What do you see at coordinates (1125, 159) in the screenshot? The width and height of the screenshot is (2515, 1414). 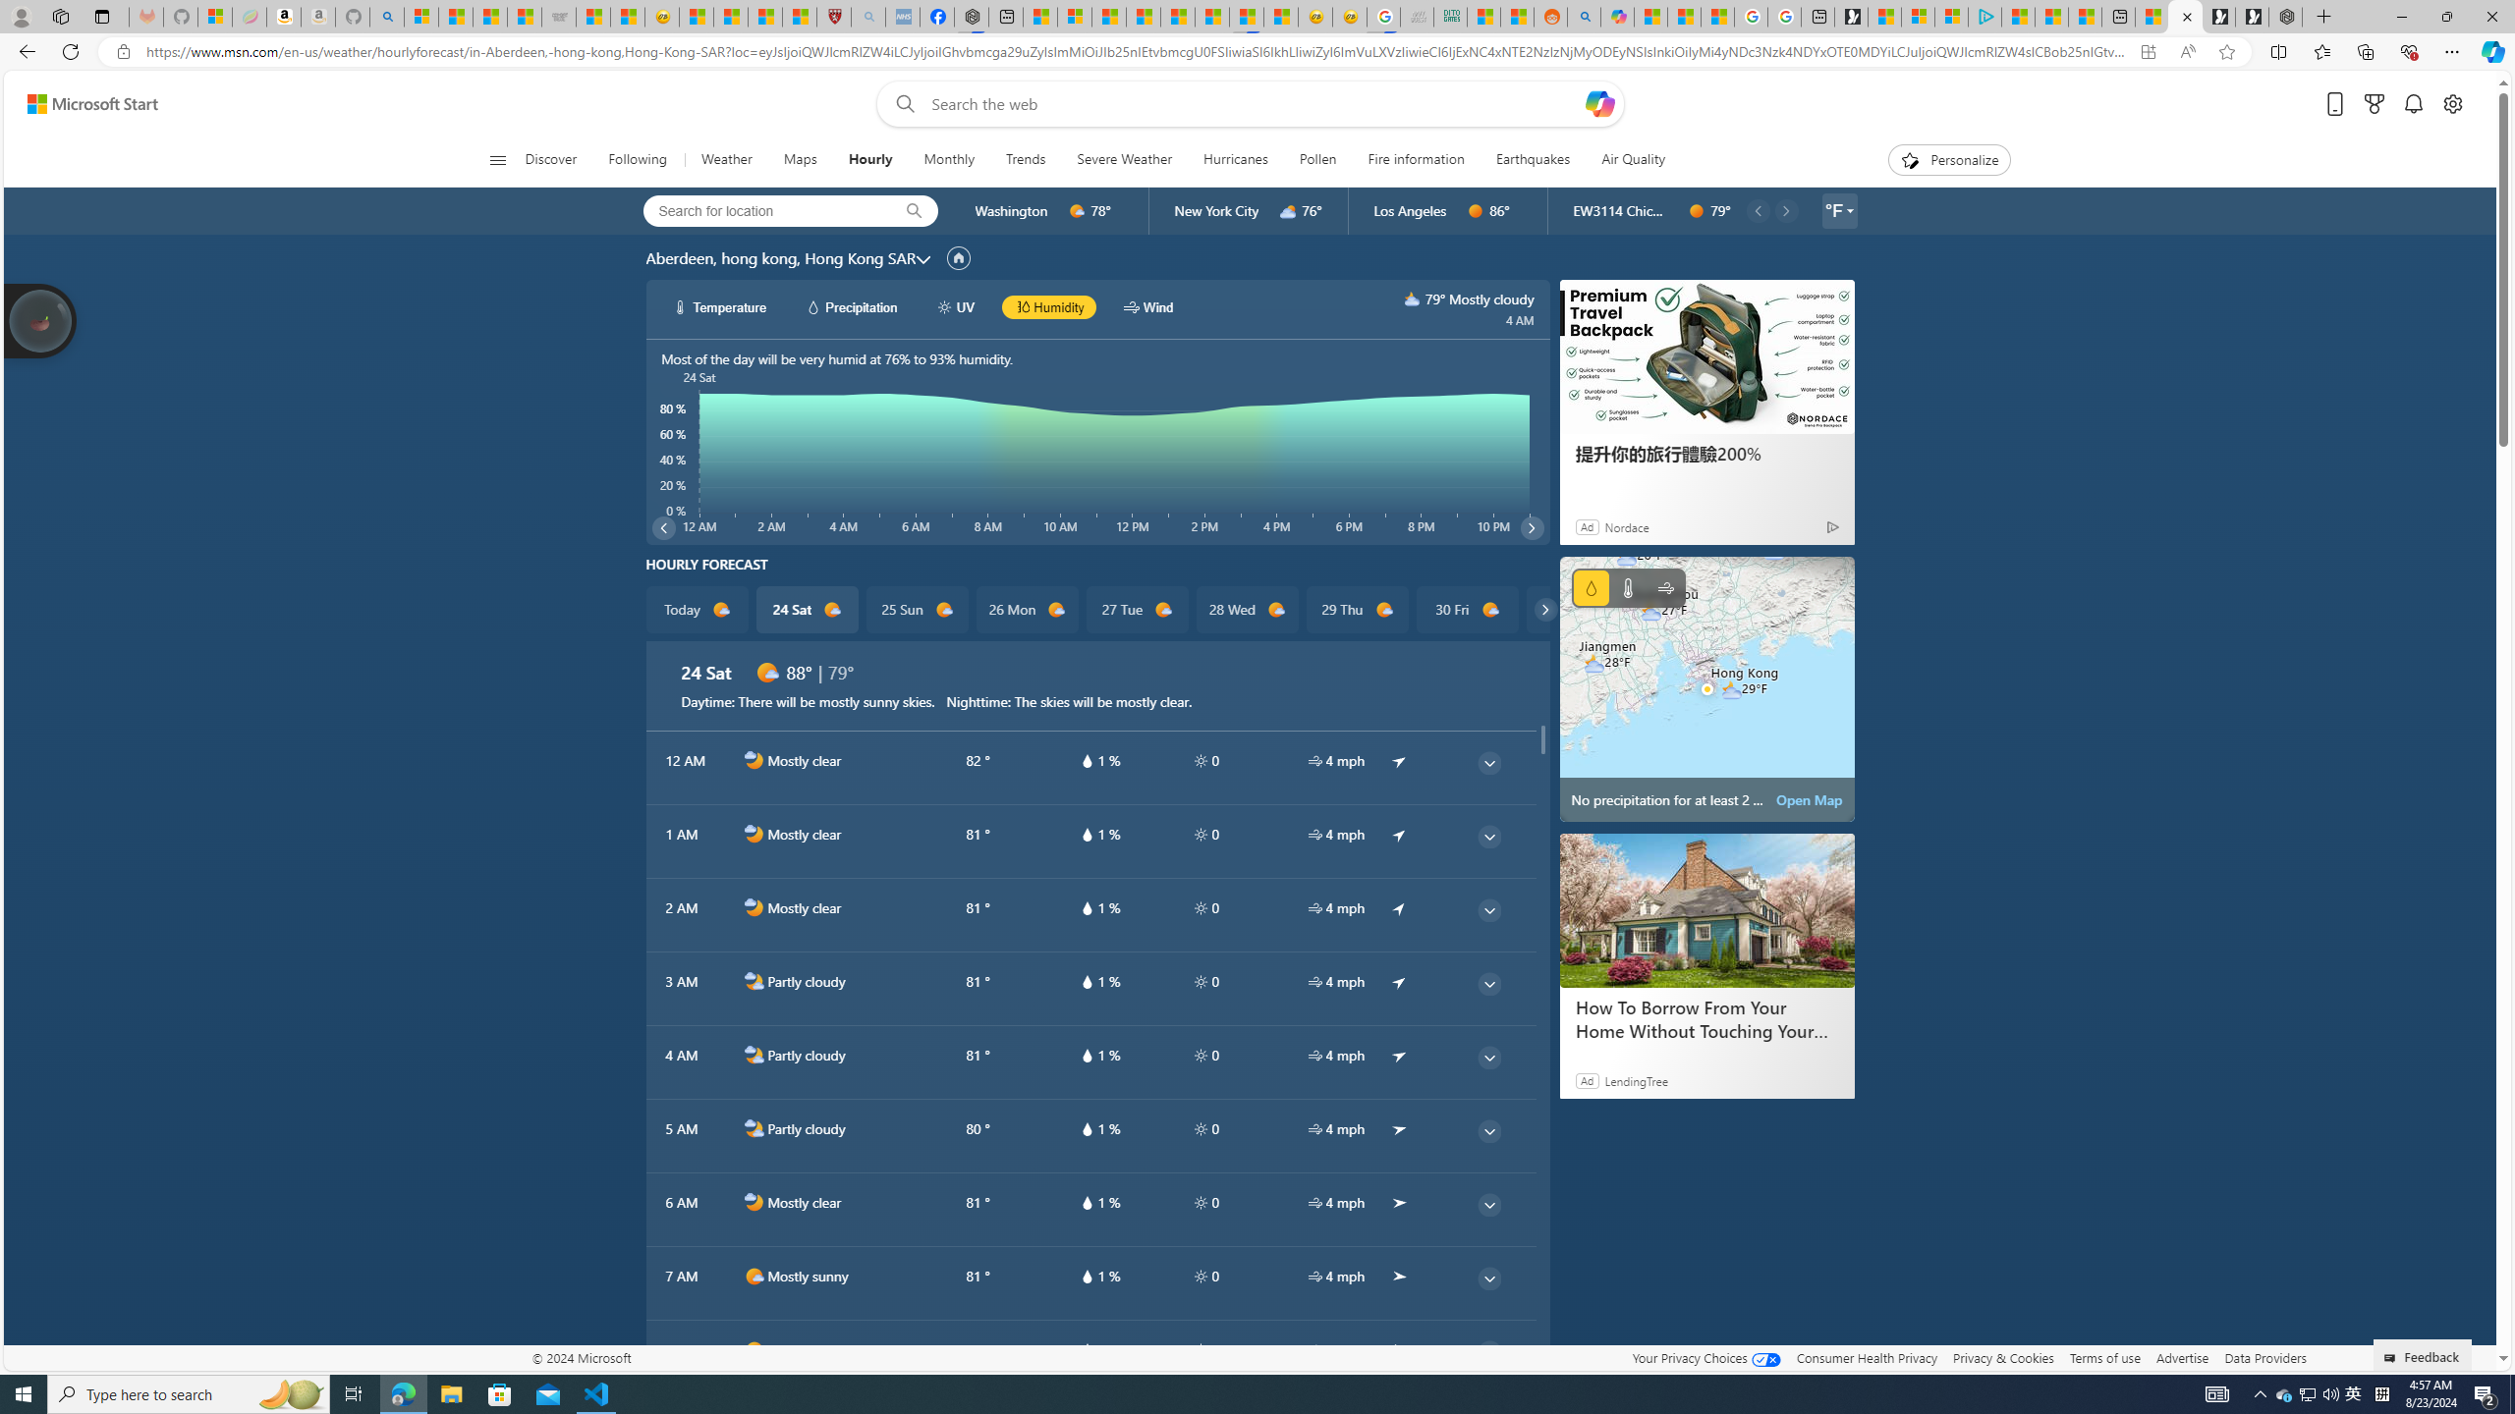 I see `'Severe Weather'` at bounding box center [1125, 159].